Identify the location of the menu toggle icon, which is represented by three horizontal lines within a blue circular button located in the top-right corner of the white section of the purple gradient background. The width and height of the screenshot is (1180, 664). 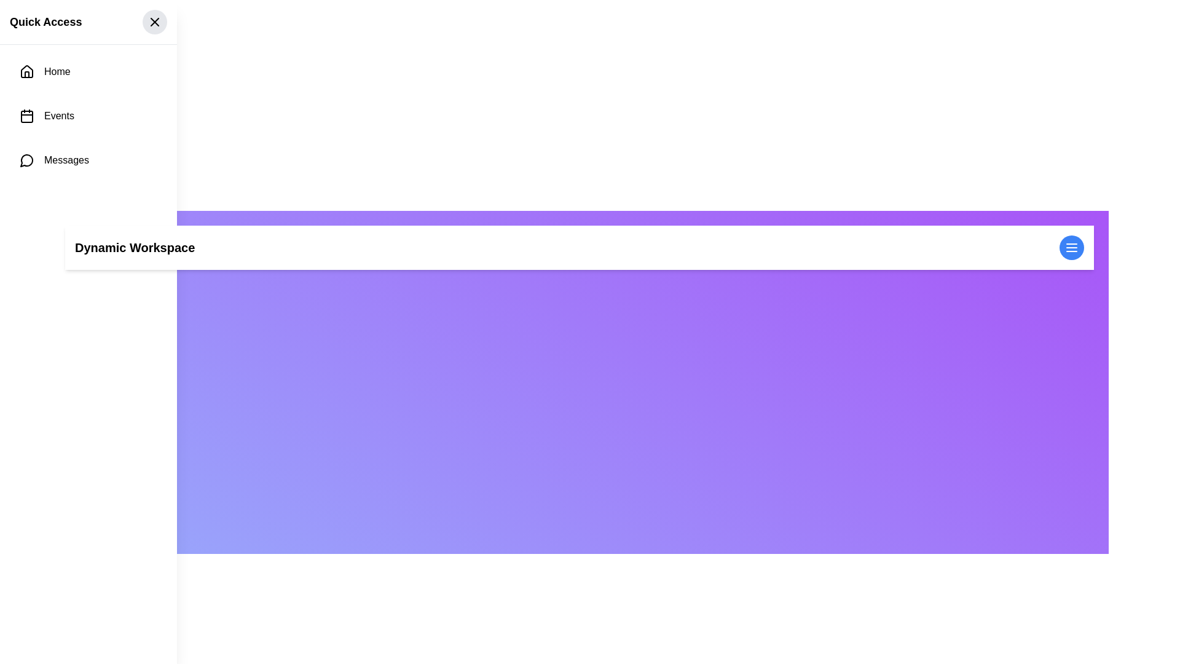
(1071, 247).